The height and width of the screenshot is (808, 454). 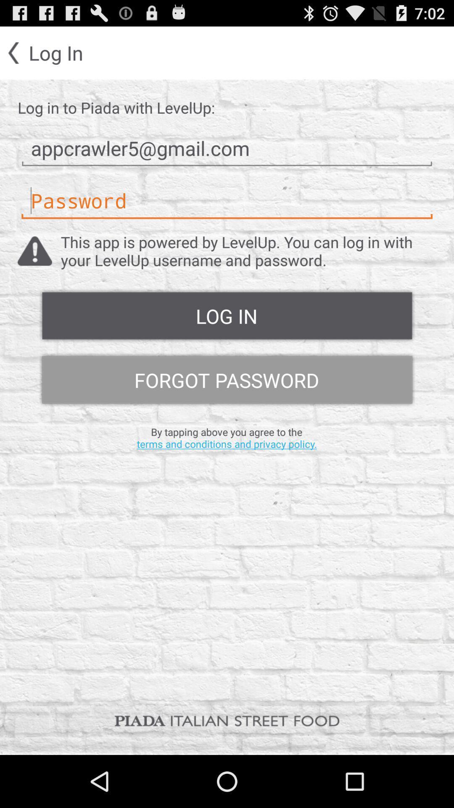 What do you see at coordinates (227, 200) in the screenshot?
I see `password field` at bounding box center [227, 200].